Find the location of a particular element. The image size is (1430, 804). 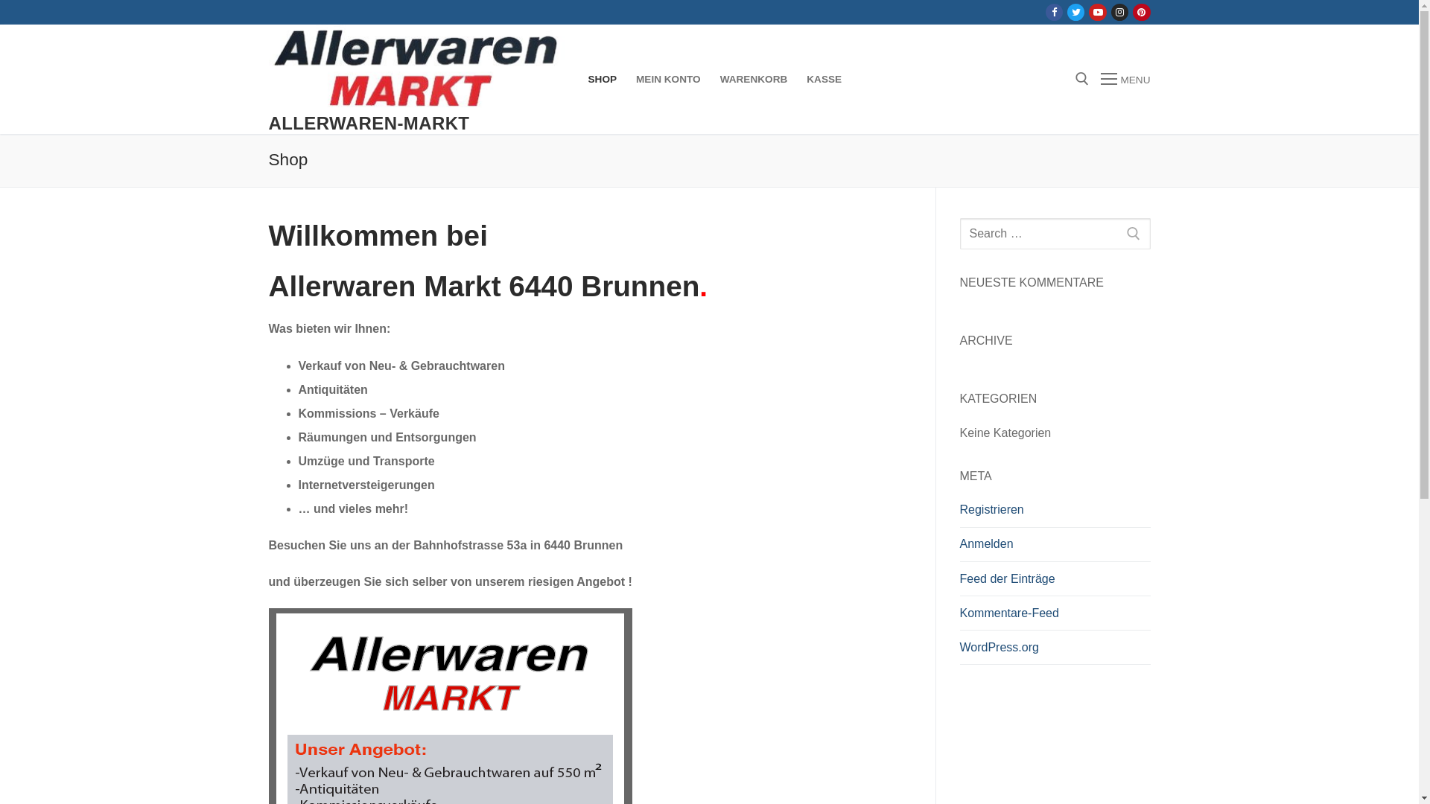

'Twitter' is located at coordinates (1075, 12).